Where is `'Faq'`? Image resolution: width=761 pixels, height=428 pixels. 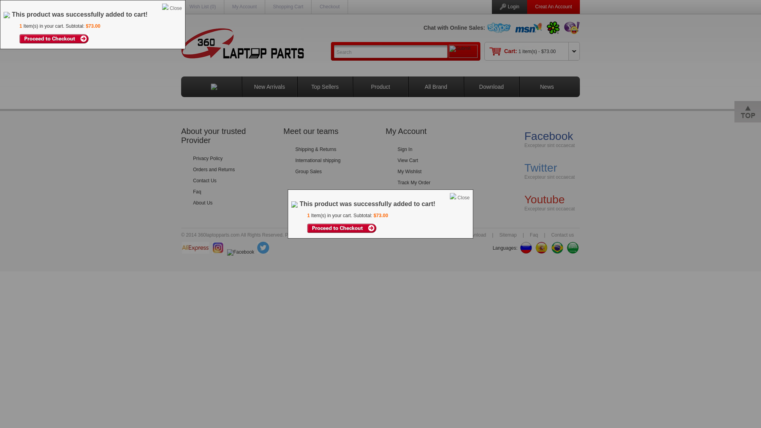
'Faq' is located at coordinates (193, 191).